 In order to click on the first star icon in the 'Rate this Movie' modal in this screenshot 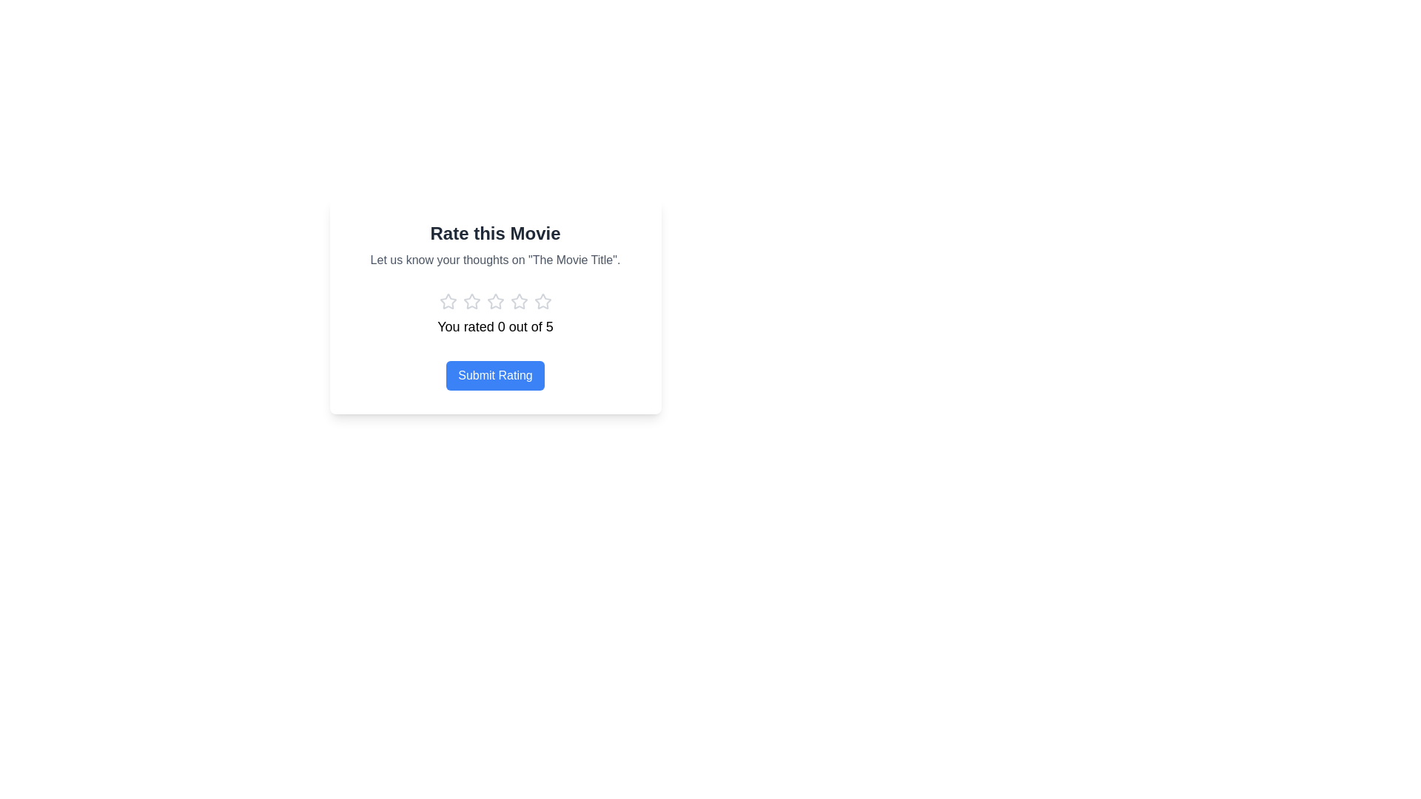, I will do `click(471, 300)`.